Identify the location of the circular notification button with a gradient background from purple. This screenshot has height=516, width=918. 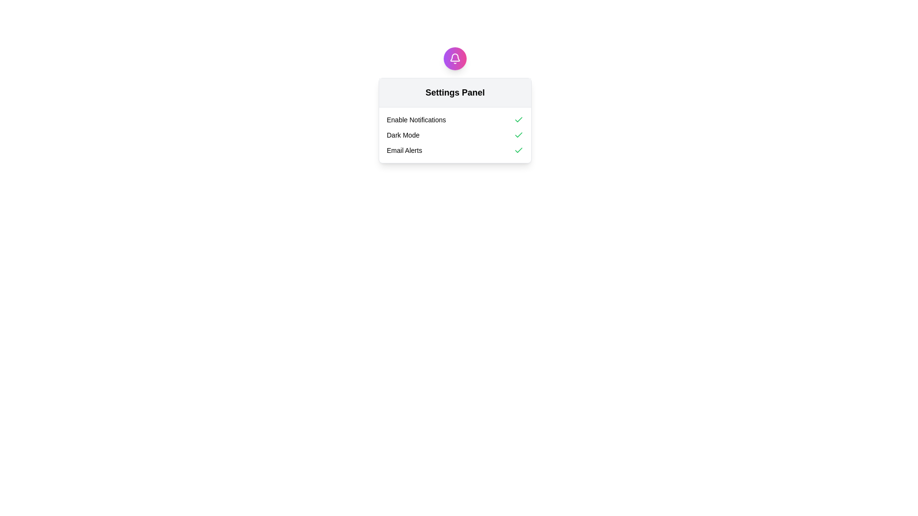
(454, 59).